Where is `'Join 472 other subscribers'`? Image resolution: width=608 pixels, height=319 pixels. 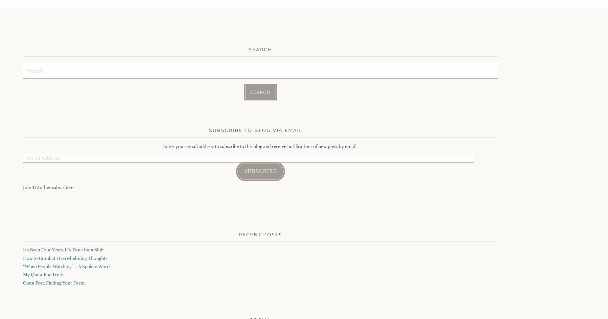 'Join 472 other subscribers' is located at coordinates (22, 187).